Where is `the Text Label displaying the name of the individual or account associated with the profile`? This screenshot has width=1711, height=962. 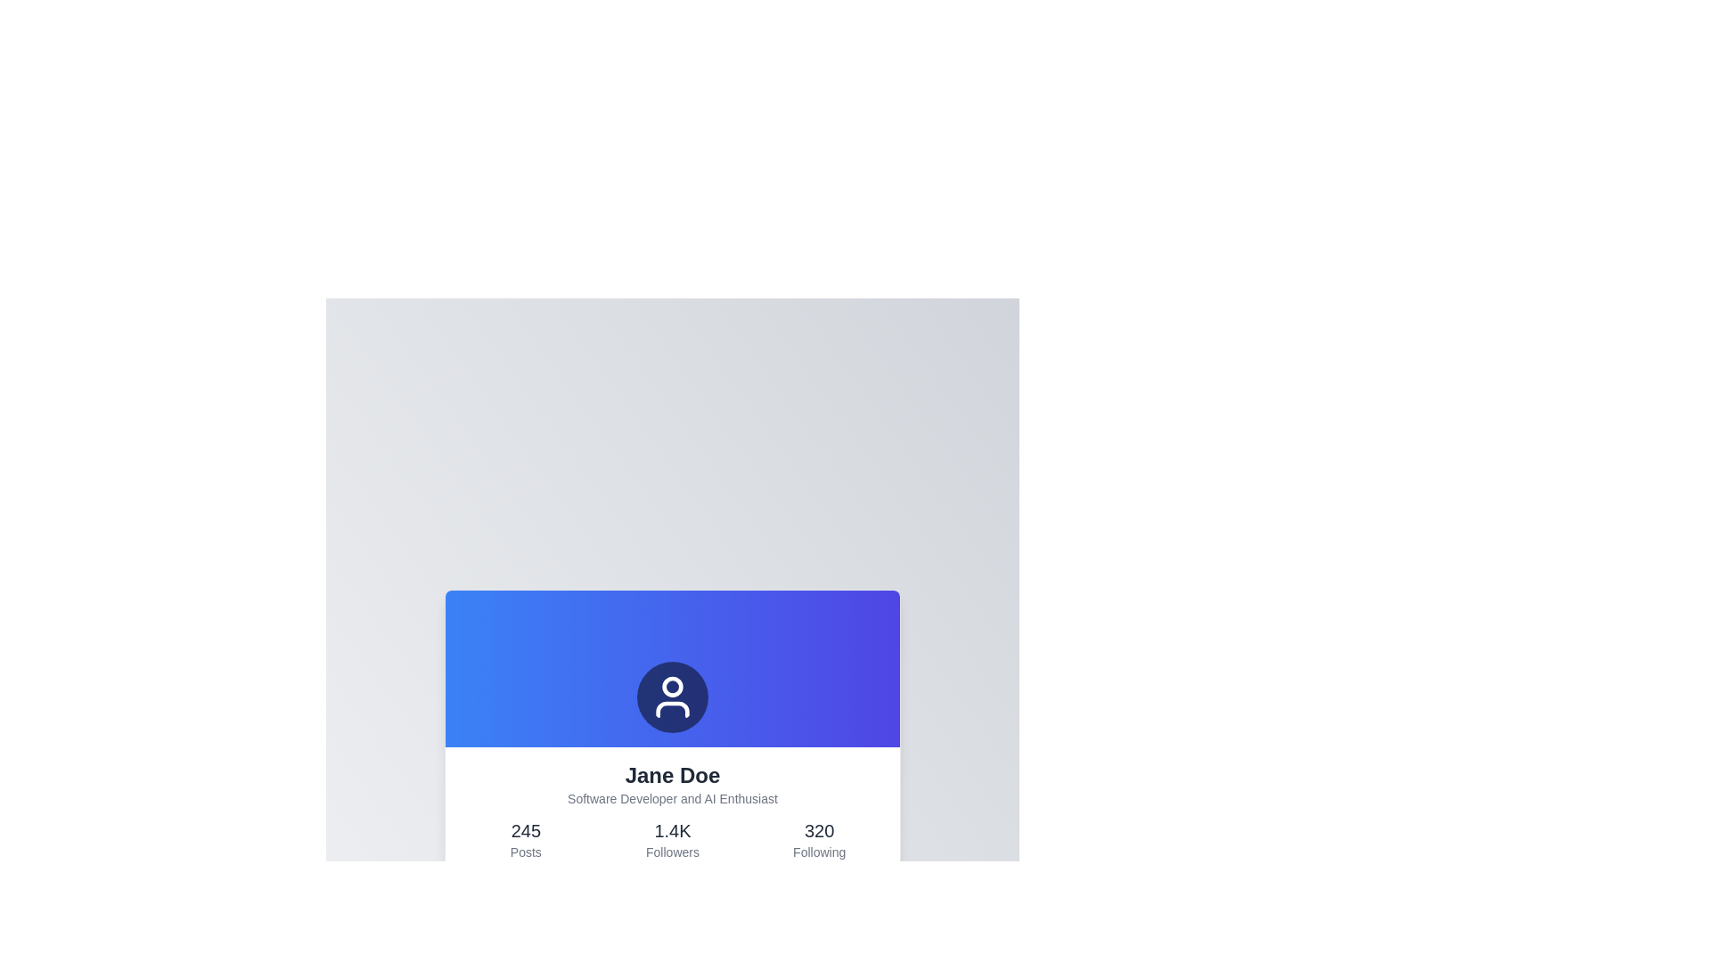 the Text Label displaying the name of the individual or account associated with the profile is located at coordinates (671, 775).